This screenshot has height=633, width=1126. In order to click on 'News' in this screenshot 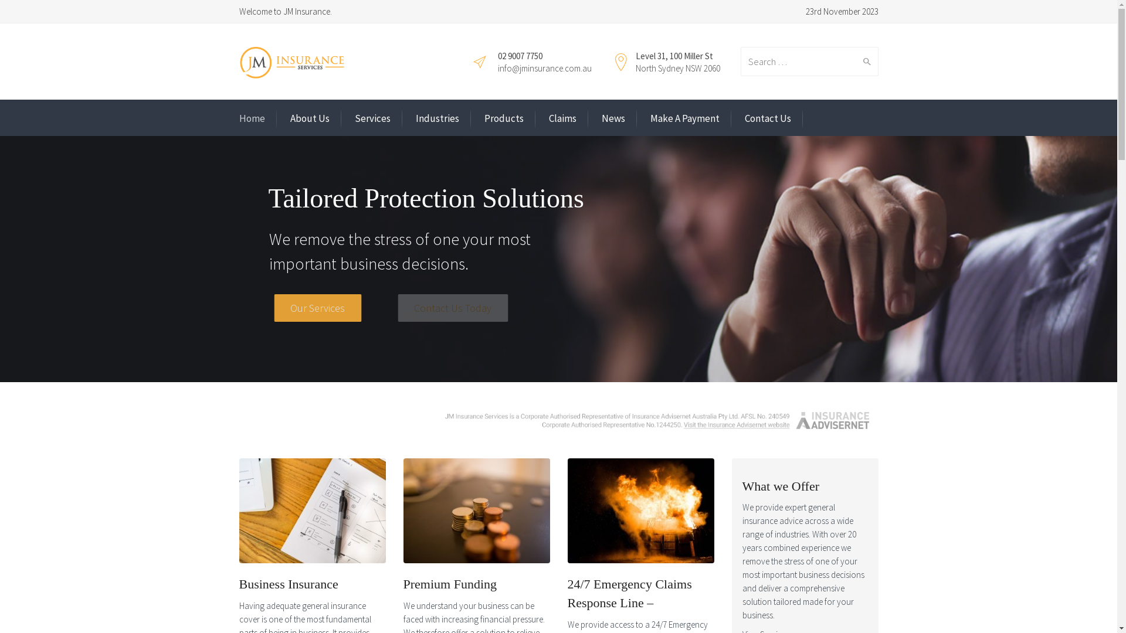, I will do `click(613, 118)`.